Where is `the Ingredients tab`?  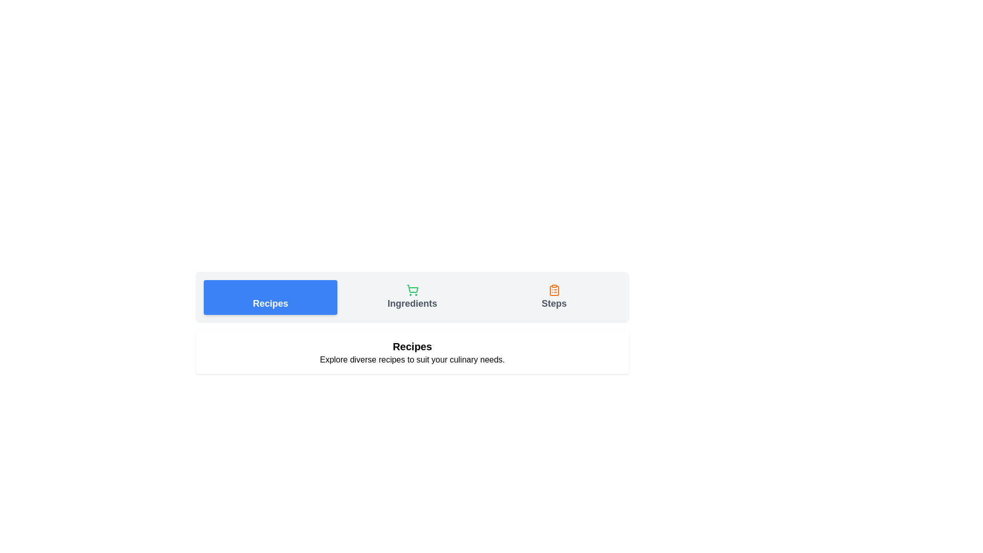
the Ingredients tab is located at coordinates (412, 297).